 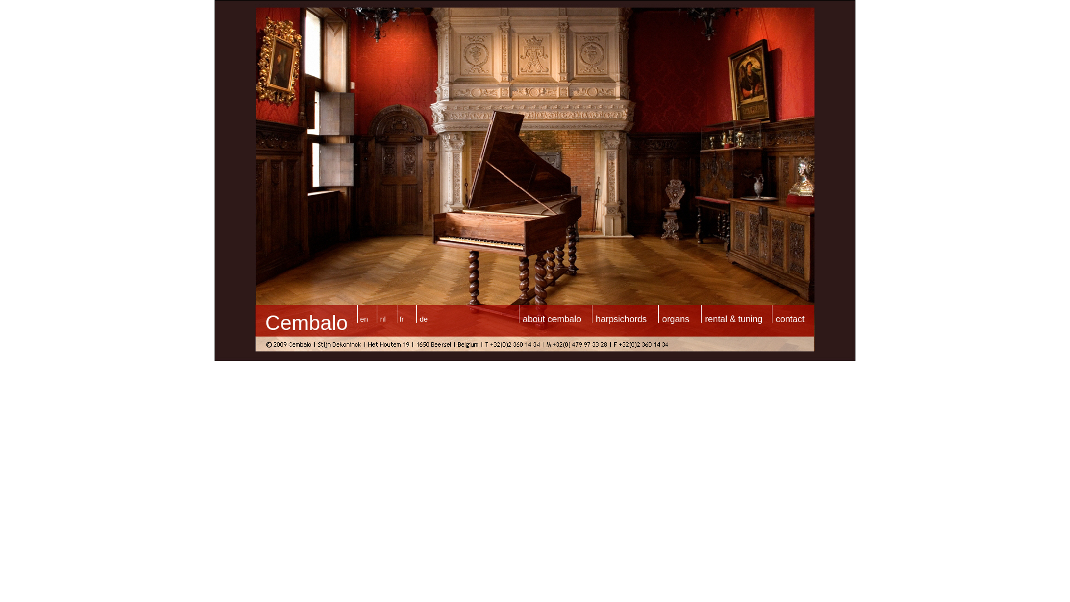 I want to click on 'harpsichords', so click(x=620, y=319).